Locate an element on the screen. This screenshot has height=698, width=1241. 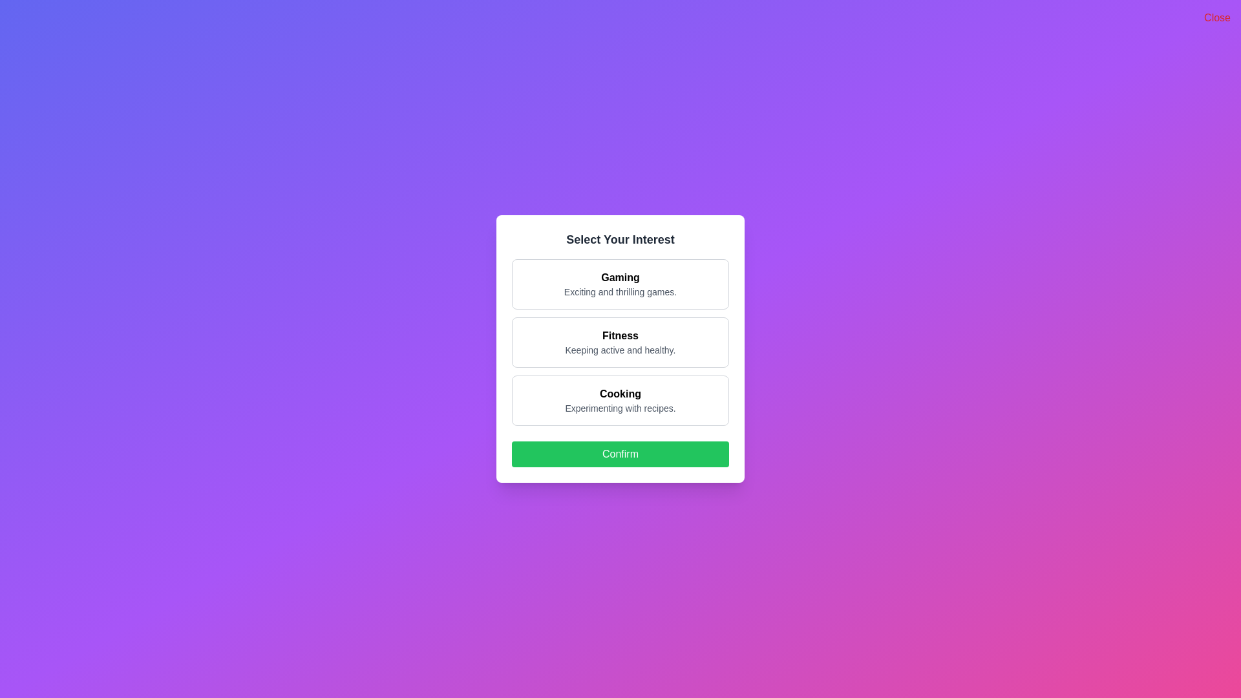
the gradient background outside the dialog is located at coordinates (64, 65).